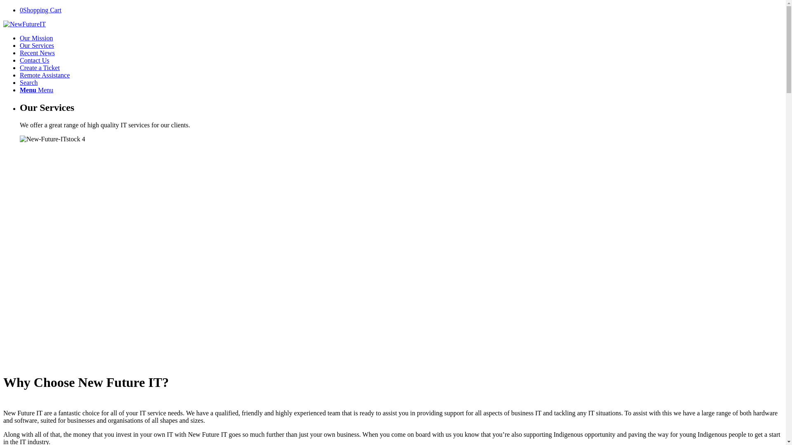 The height and width of the screenshot is (445, 792). Describe the element at coordinates (20, 82) in the screenshot. I see `'Search'` at that location.